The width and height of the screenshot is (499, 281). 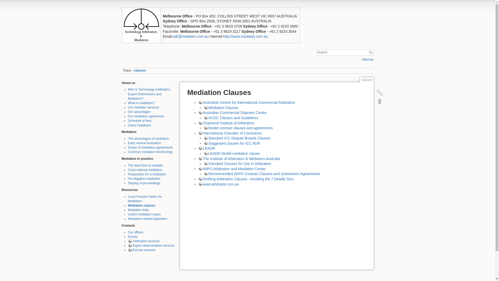 What do you see at coordinates (237, 138) in the screenshot?
I see `'Standard ICC Dispute Boards Clauses'` at bounding box center [237, 138].